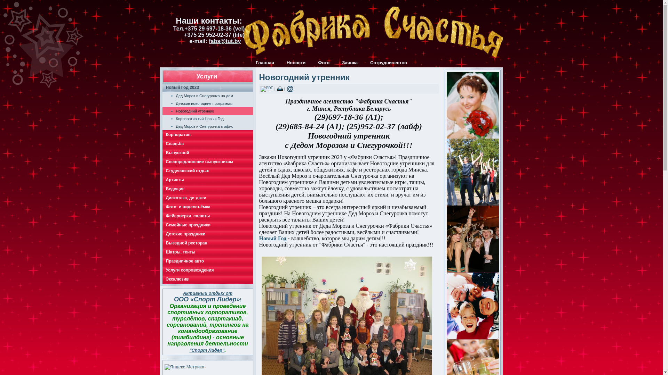 The image size is (668, 375). I want to click on 'fabs@tut.by', so click(225, 41).